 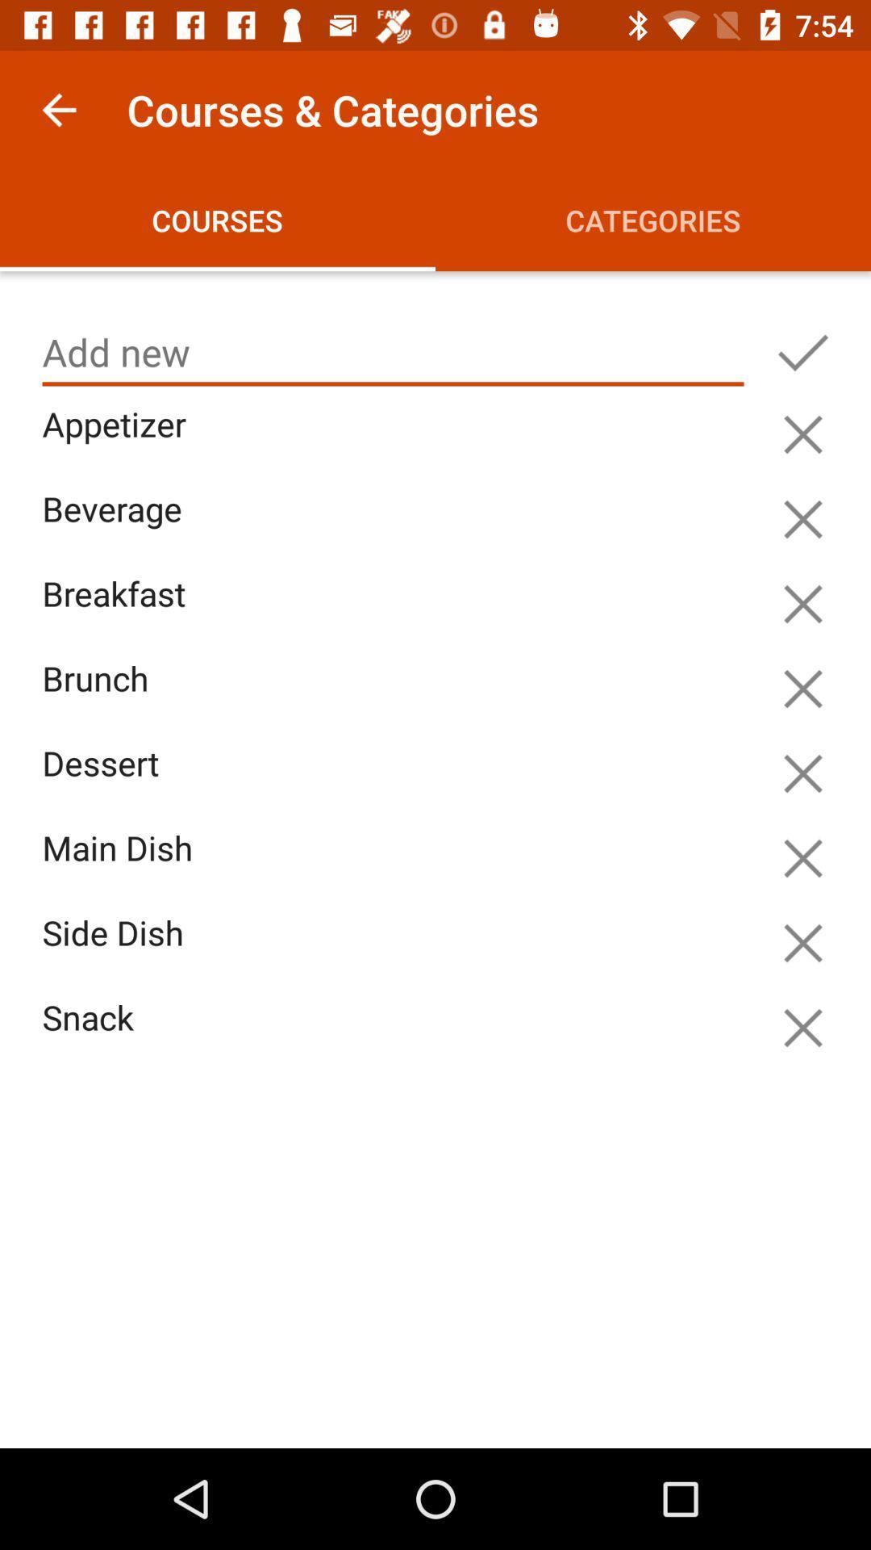 I want to click on remove side dish option, so click(x=802, y=943).